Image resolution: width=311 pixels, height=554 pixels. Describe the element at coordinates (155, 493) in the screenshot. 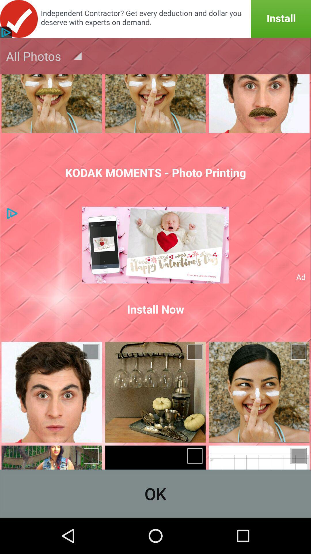

I see `the ok item` at that location.